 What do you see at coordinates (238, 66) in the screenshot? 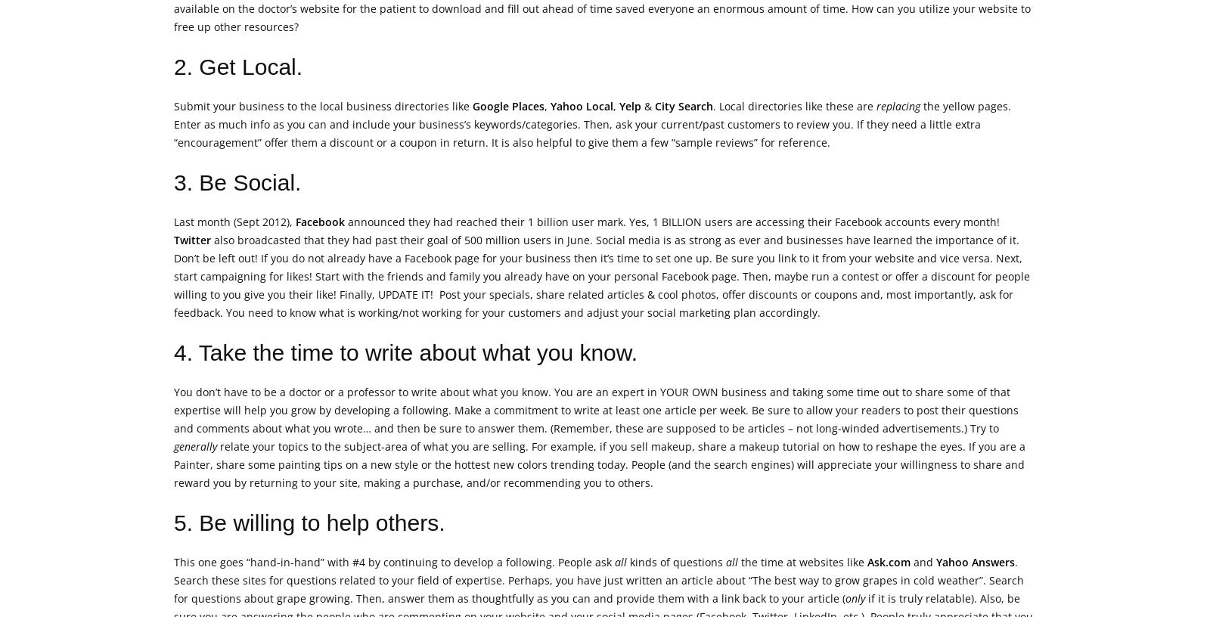
I see `'2. Get Local.'` at bounding box center [238, 66].